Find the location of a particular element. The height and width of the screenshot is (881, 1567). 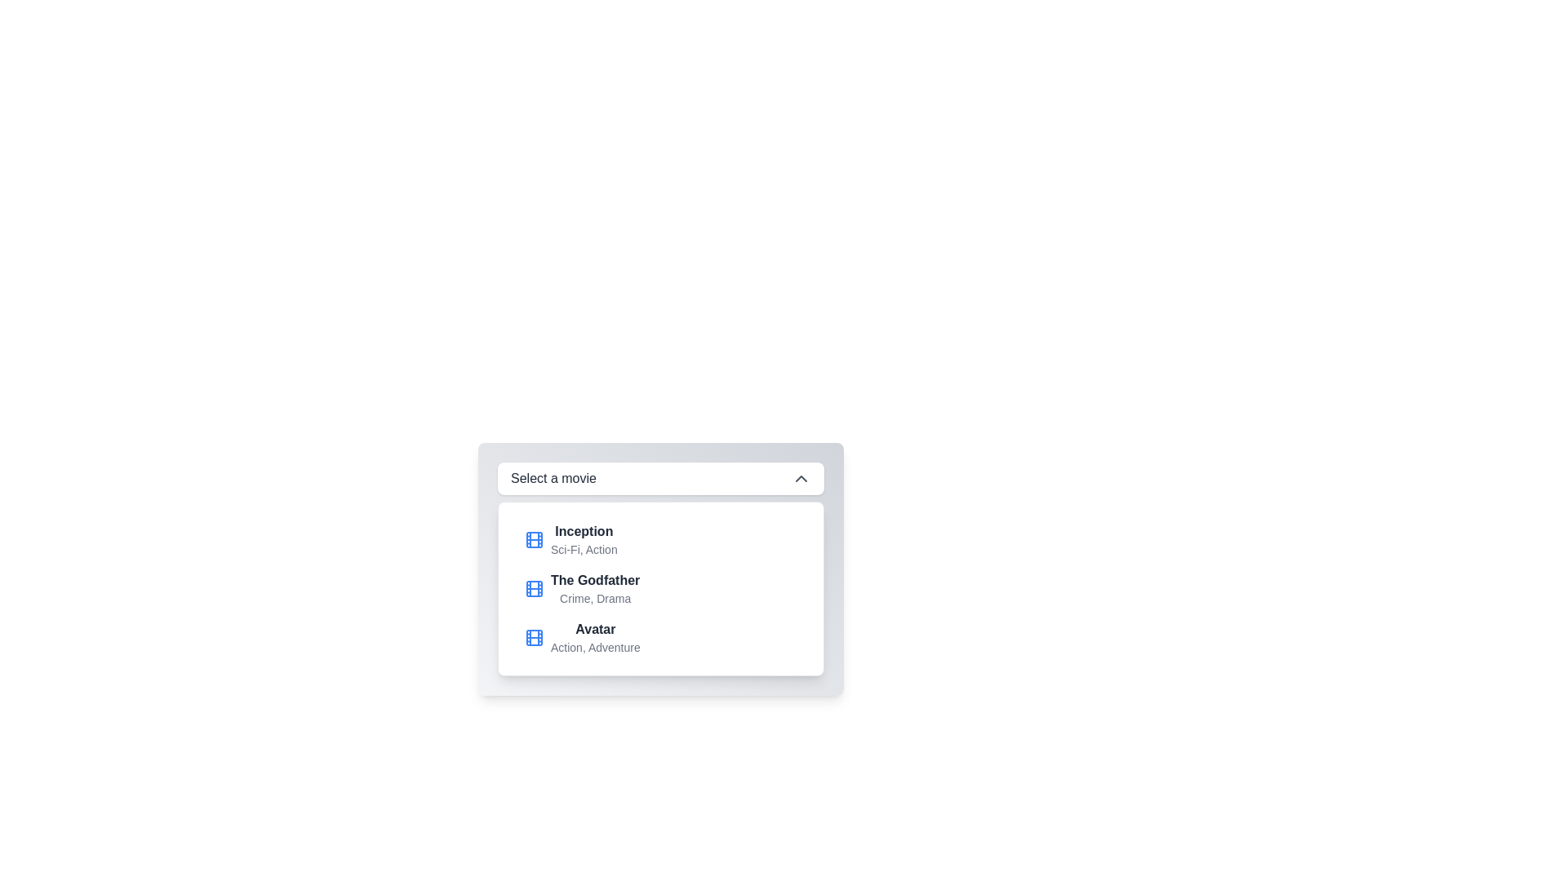

the dropdown interface element located to the right of the Text Label, which serves as a title for the current selection is located at coordinates (553, 477).